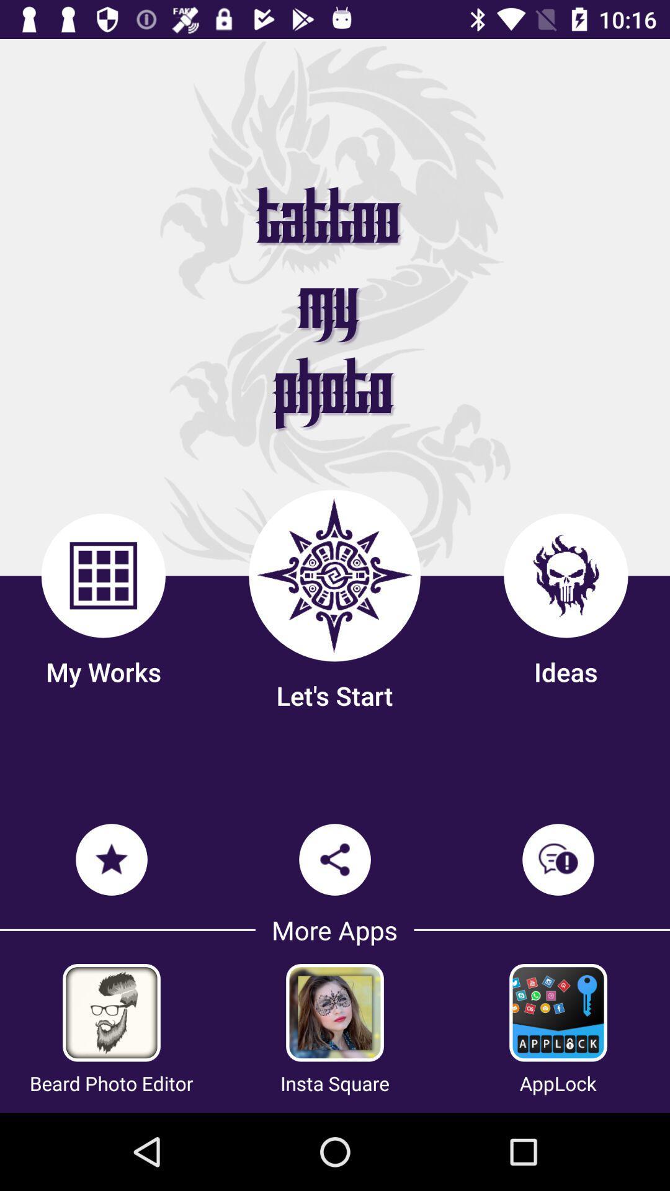 The image size is (670, 1191). What do you see at coordinates (110, 1082) in the screenshot?
I see `icon next to insta square item` at bounding box center [110, 1082].